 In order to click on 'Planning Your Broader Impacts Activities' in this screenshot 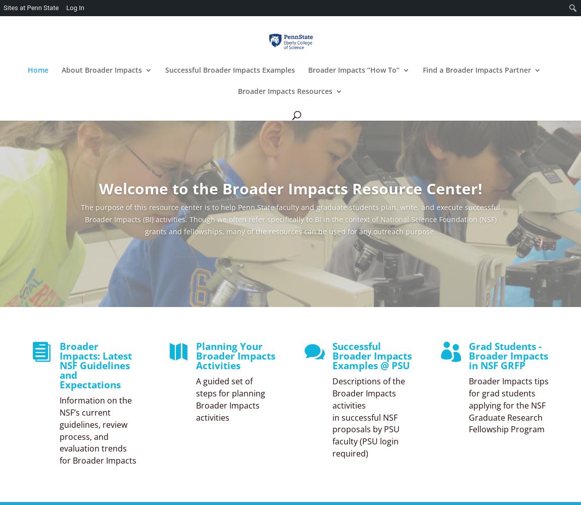, I will do `click(196, 356)`.